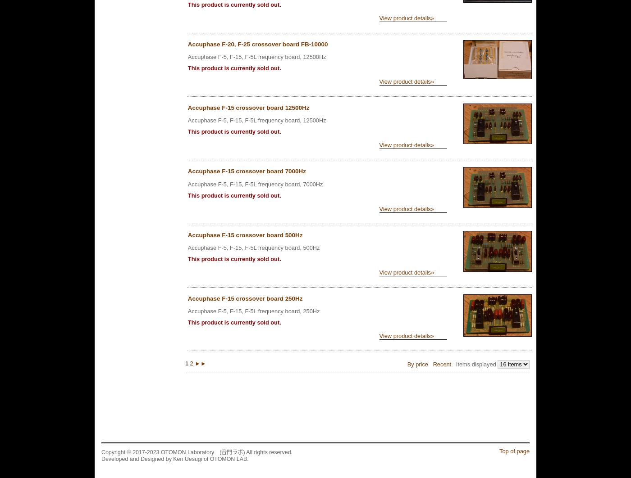  Describe the element at coordinates (253, 311) in the screenshot. I see `'Accuphase F-5, F-15, F-5L frequency board, 250Hz'` at that location.